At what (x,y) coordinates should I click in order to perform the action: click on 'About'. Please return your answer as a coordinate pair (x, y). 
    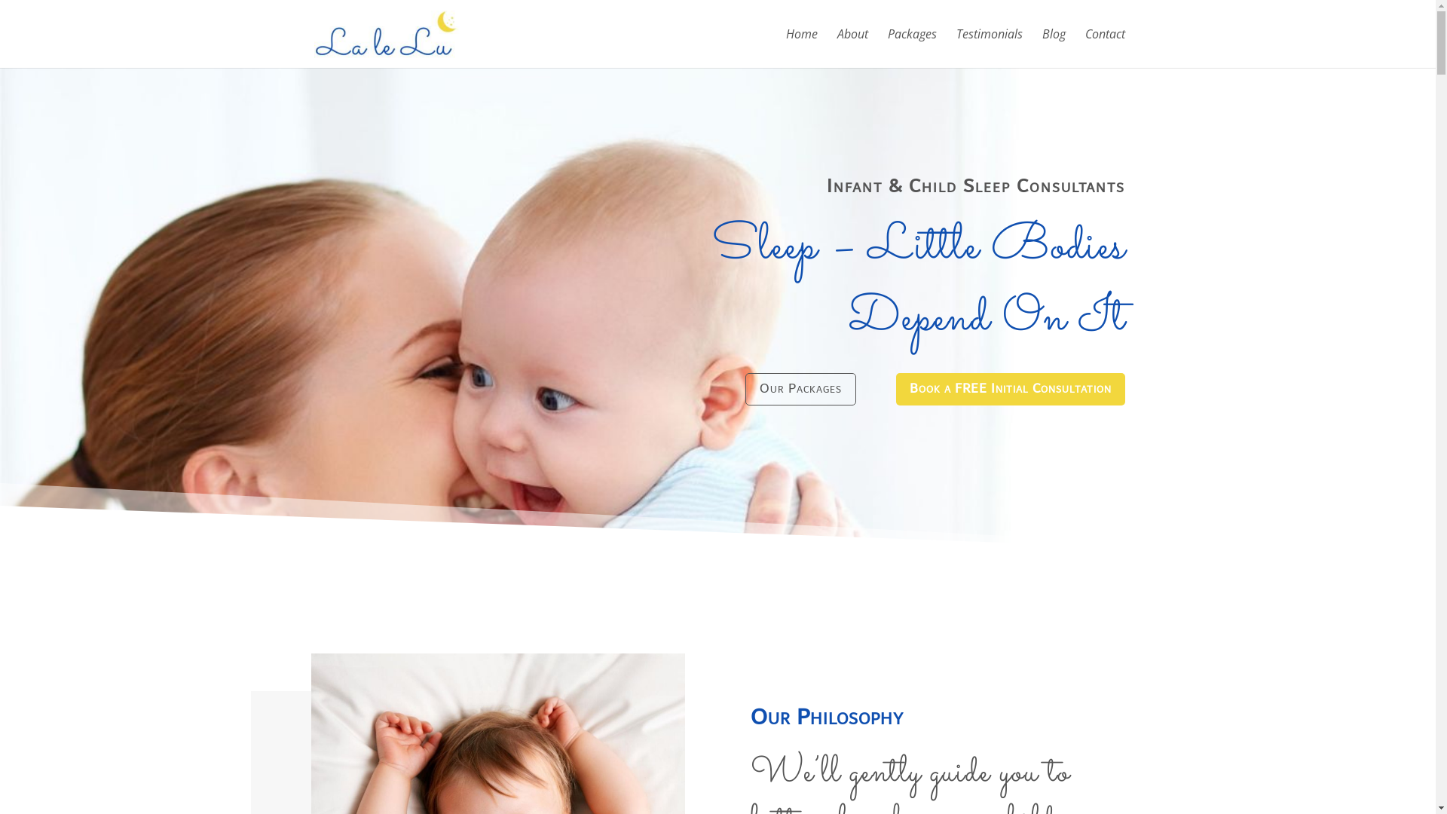
    Looking at the image, I should click on (835, 47).